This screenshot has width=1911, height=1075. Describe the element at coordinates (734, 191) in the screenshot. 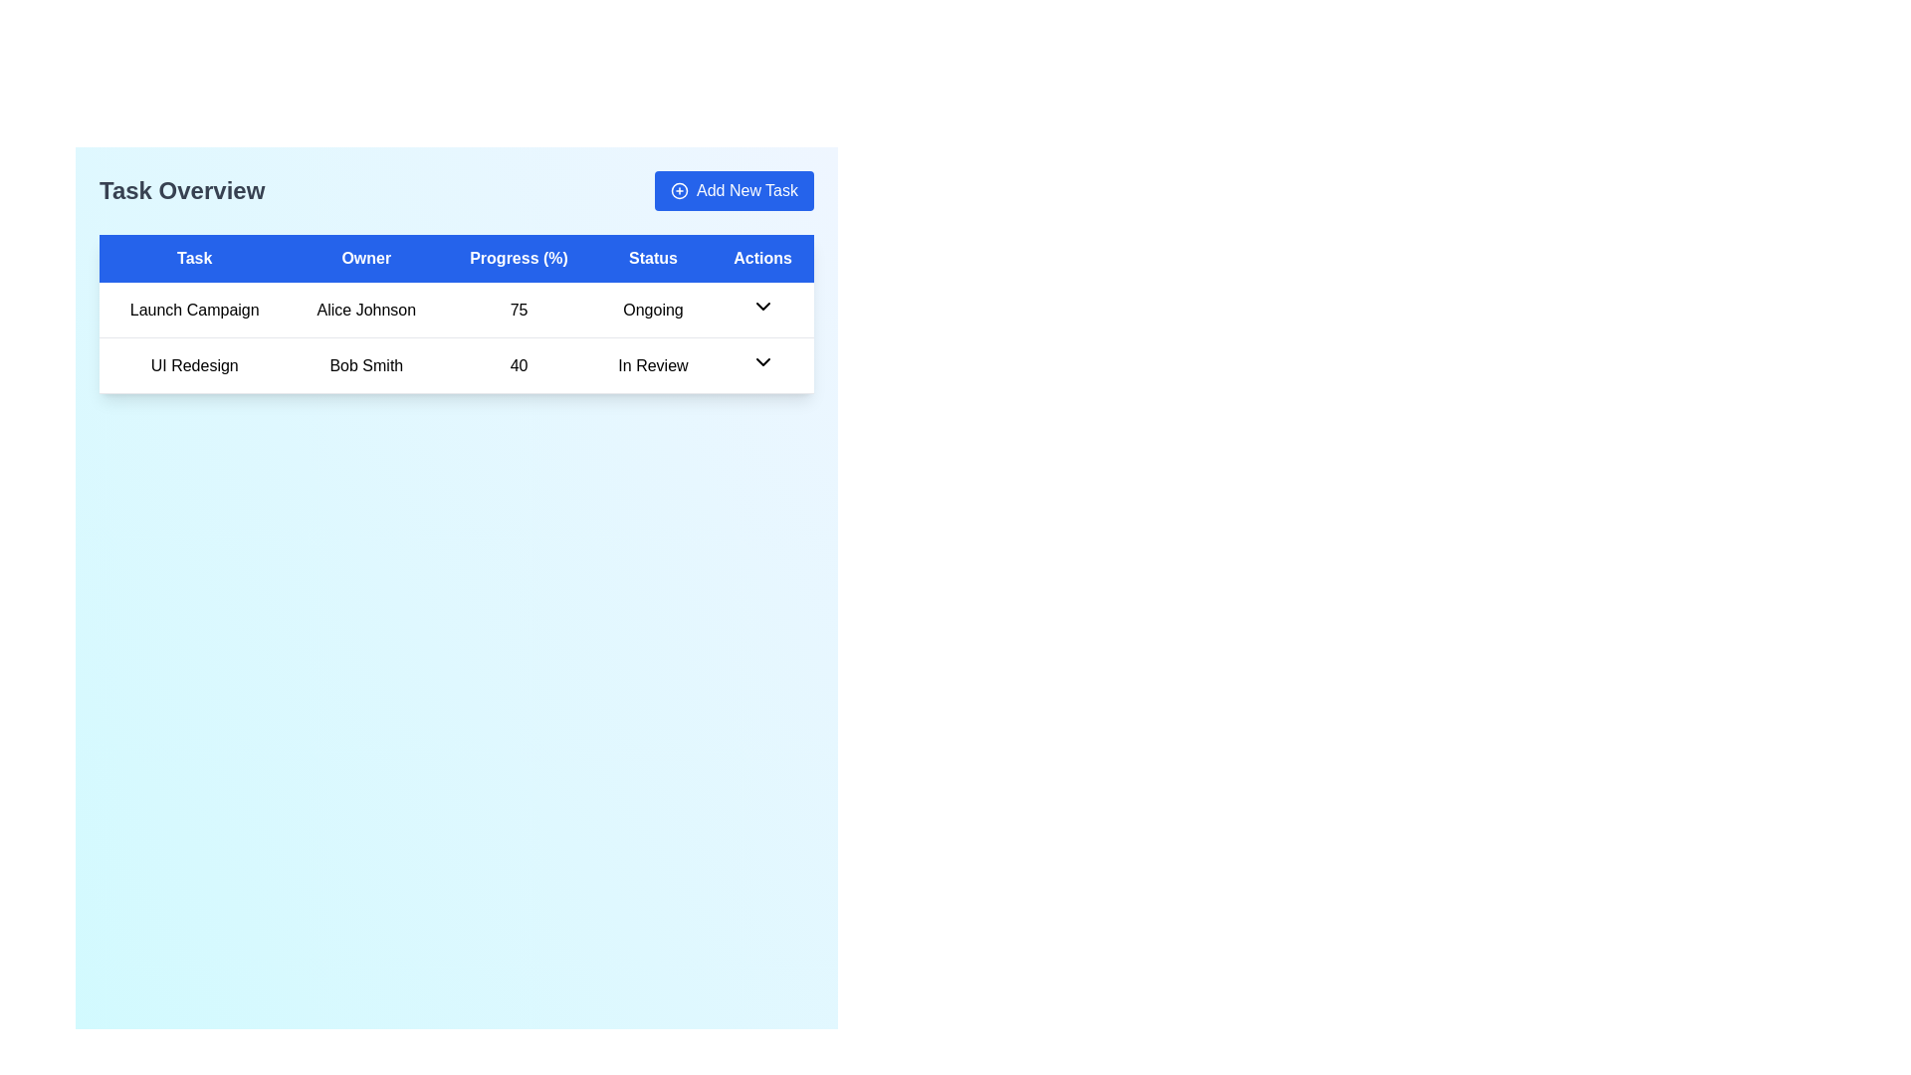

I see `the rectangular button with a blue background and white text reading 'Add New Task', located in the top-right corner of the header` at that location.